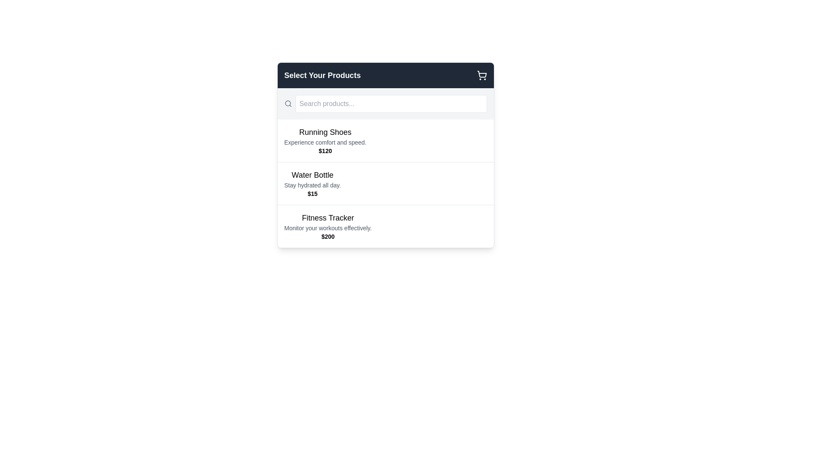  I want to click on the product information text block displaying details about the product, so click(325, 140).